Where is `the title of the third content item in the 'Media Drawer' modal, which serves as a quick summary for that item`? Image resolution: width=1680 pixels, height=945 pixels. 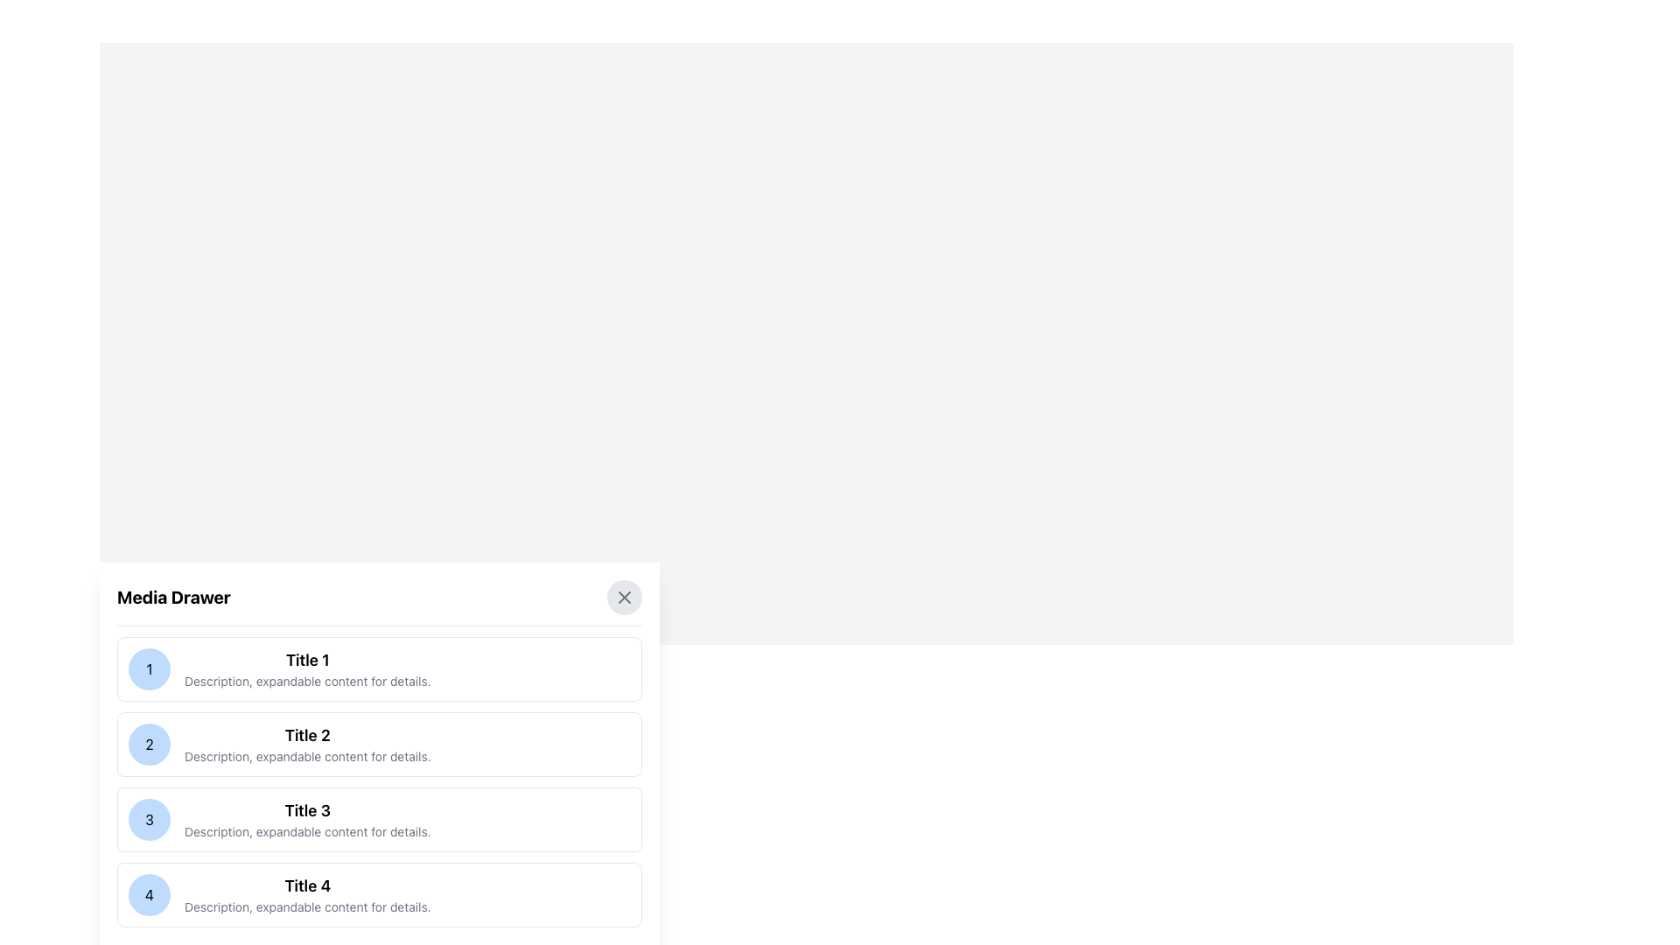
the title of the third content item in the 'Media Drawer' modal, which serves as a quick summary for that item is located at coordinates (307, 810).